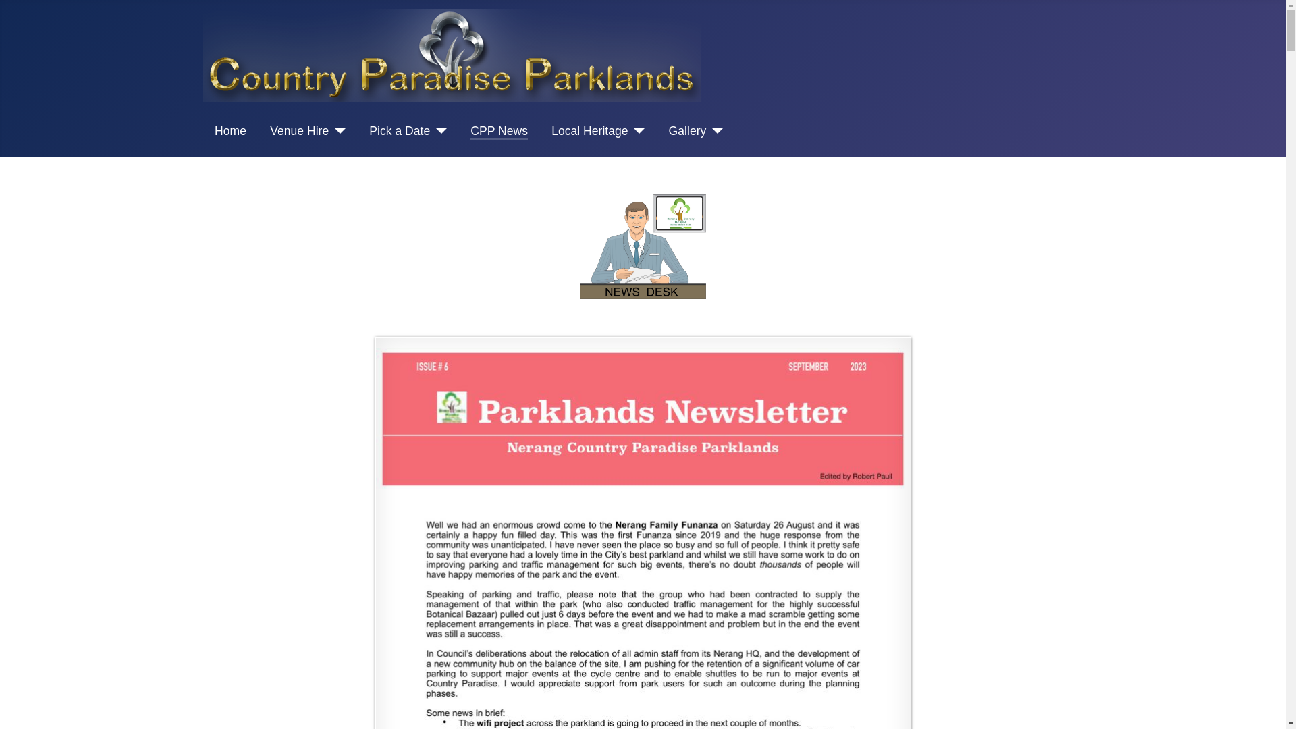 This screenshot has height=729, width=1296. Describe the element at coordinates (307, 130) in the screenshot. I see `'Venue Hire'` at that location.